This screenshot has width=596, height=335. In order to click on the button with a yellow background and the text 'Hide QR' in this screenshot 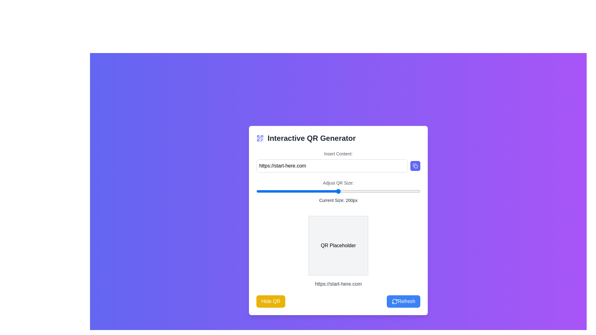, I will do `click(271, 301)`.